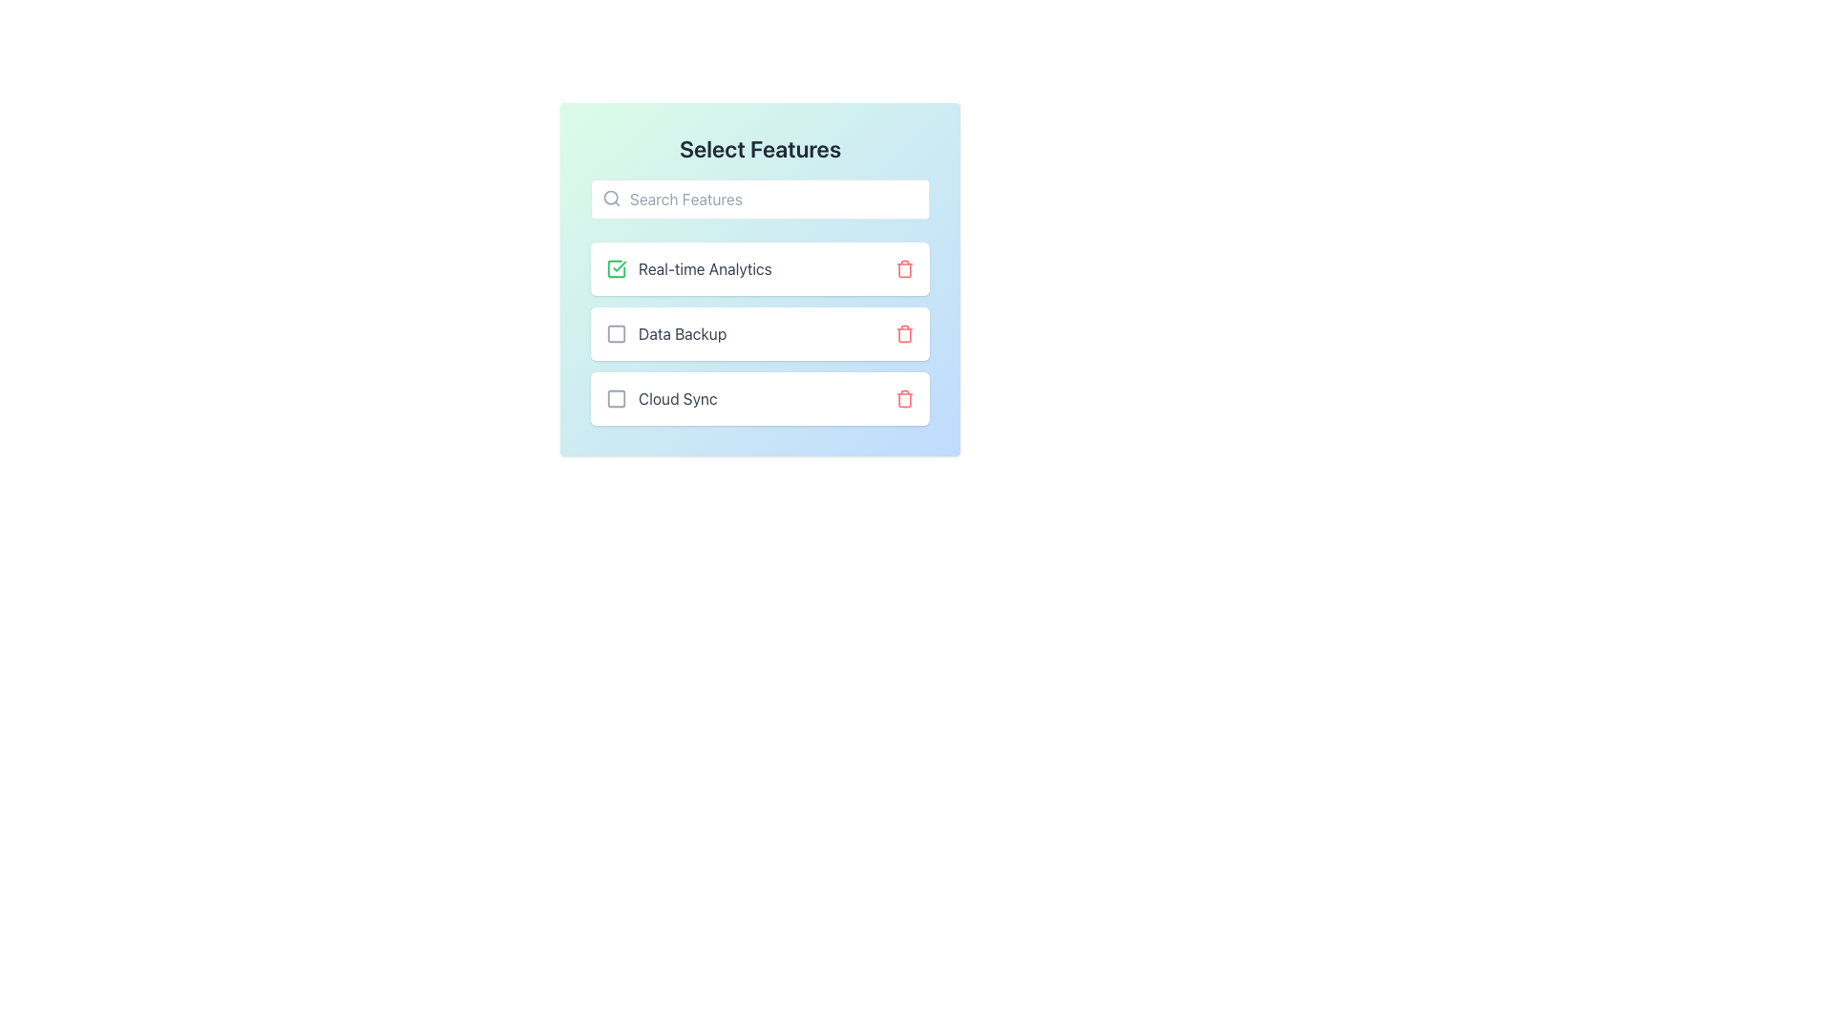 The image size is (1833, 1031). What do you see at coordinates (904, 268) in the screenshot?
I see `the Trash/Delete icon located to the right of the 'Real-time Analytics' text` at bounding box center [904, 268].